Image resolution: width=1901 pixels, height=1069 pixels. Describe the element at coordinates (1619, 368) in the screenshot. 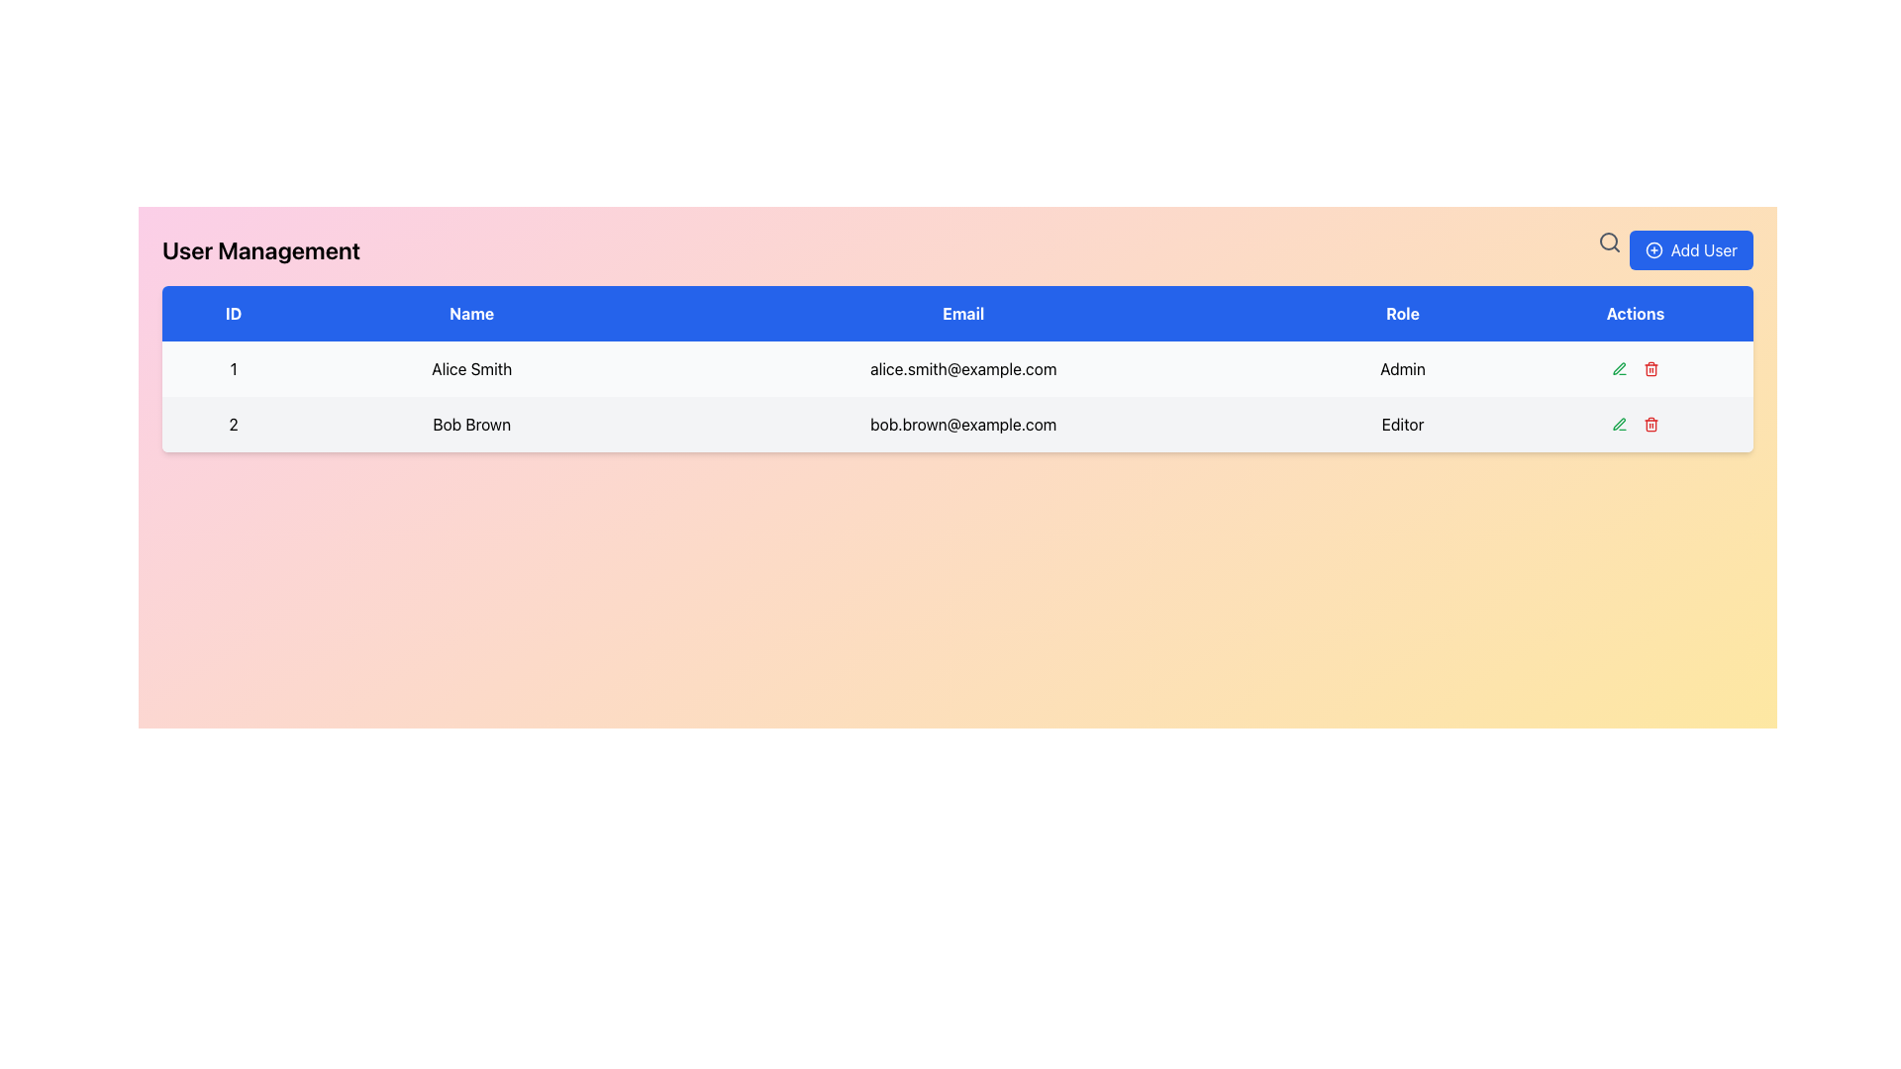

I see `the green pen icon representing the editing action in the 'Actions' column for user 'Bob Brown' in the second row of the table` at that location.